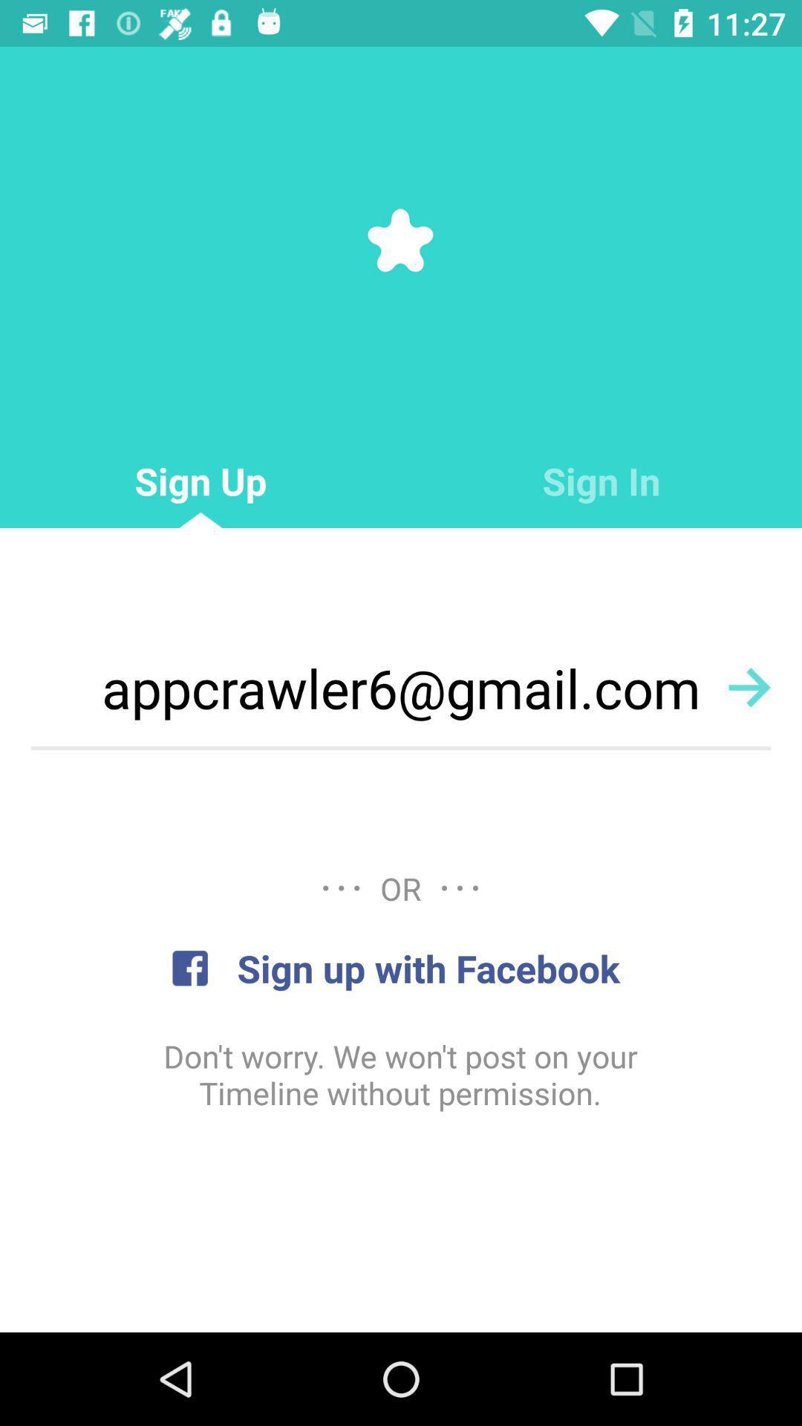  What do you see at coordinates (601, 481) in the screenshot?
I see `the sign in item` at bounding box center [601, 481].